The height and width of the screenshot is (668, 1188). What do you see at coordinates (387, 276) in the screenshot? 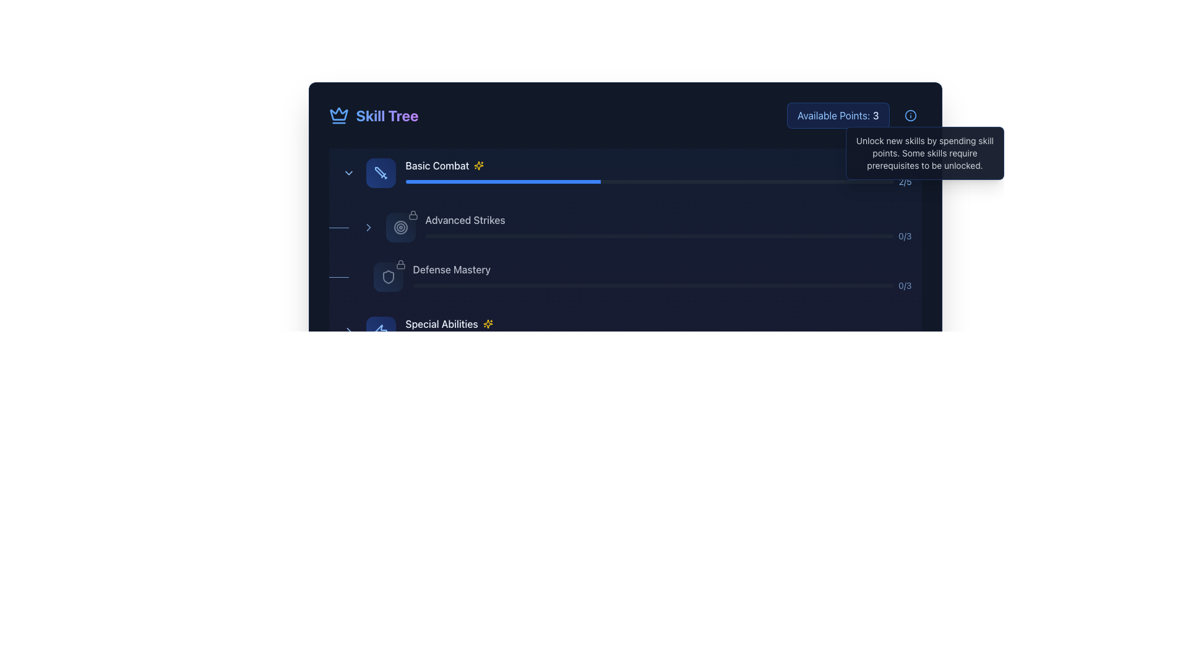
I see `the shield icon with a rounded appearance in the 'Defense Mastery' row of the skill tree interface, which has a grayish-blue gradient background and a lock overlay in the top right corner` at bounding box center [387, 276].